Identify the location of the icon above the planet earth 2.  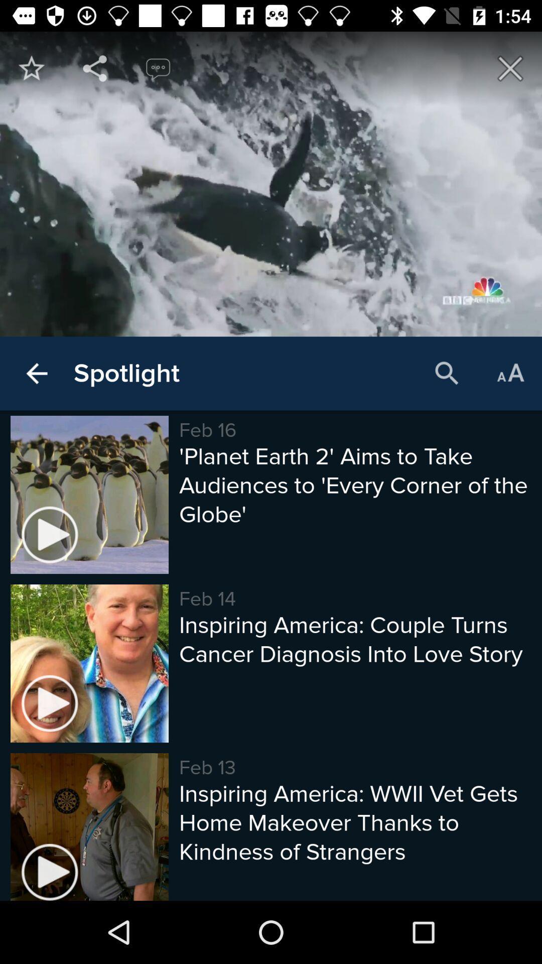
(510, 373).